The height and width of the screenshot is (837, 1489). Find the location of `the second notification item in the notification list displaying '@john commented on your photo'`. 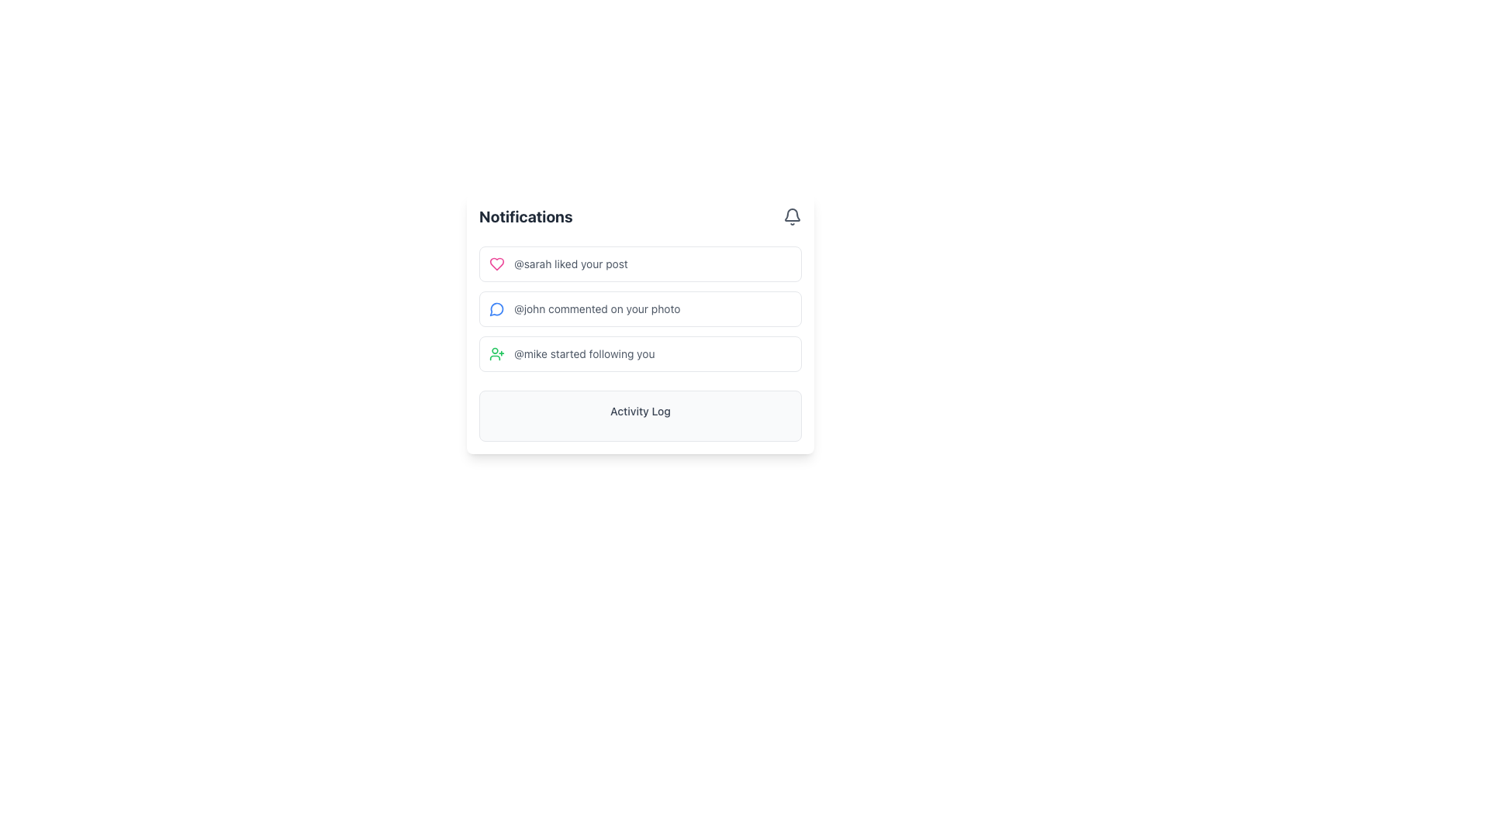

the second notification item in the notification list displaying '@john commented on your photo' is located at coordinates (640, 322).